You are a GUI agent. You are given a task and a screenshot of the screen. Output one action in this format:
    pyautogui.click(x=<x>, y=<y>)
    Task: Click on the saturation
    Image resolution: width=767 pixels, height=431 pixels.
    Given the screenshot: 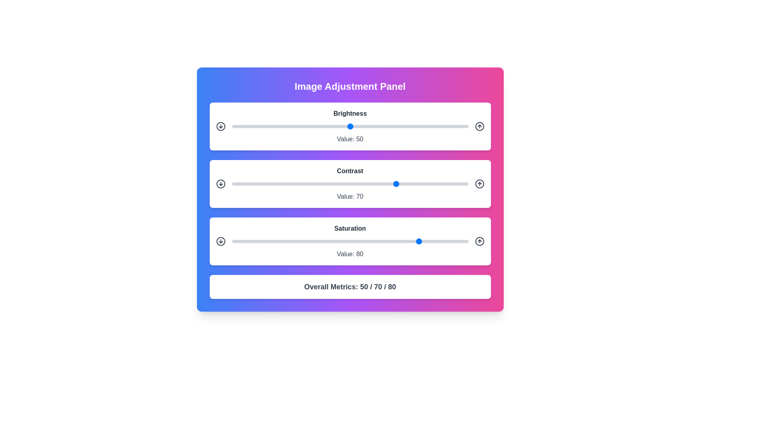 What is the action you would take?
    pyautogui.click(x=302, y=241)
    